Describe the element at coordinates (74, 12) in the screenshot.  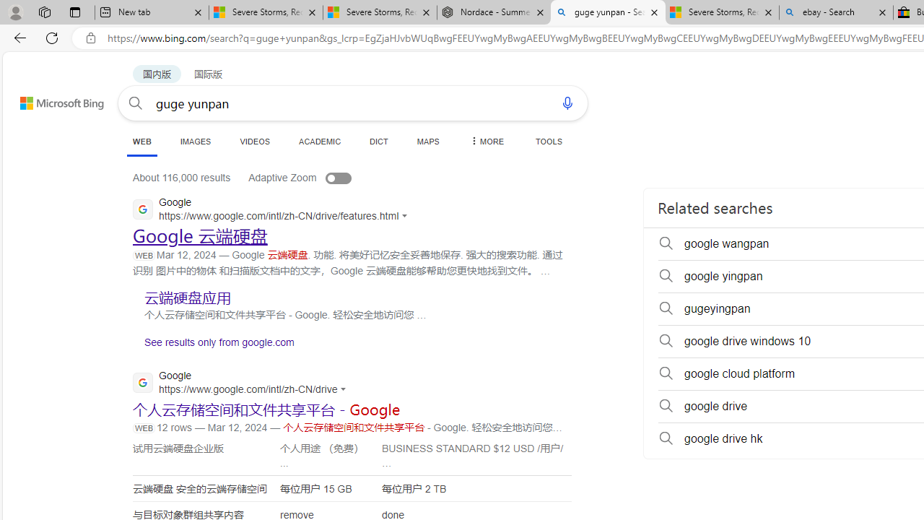
I see `'Tab actions menu'` at that location.